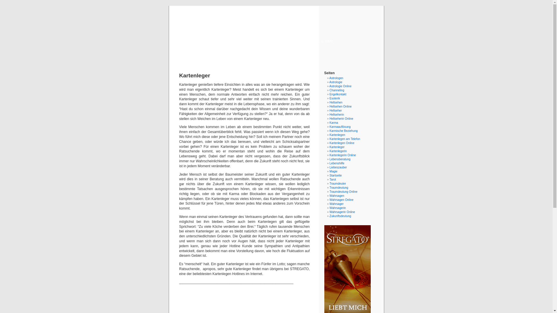 The height and width of the screenshot is (313, 557). I want to click on 'Wahrsagerin Online', so click(342, 212).